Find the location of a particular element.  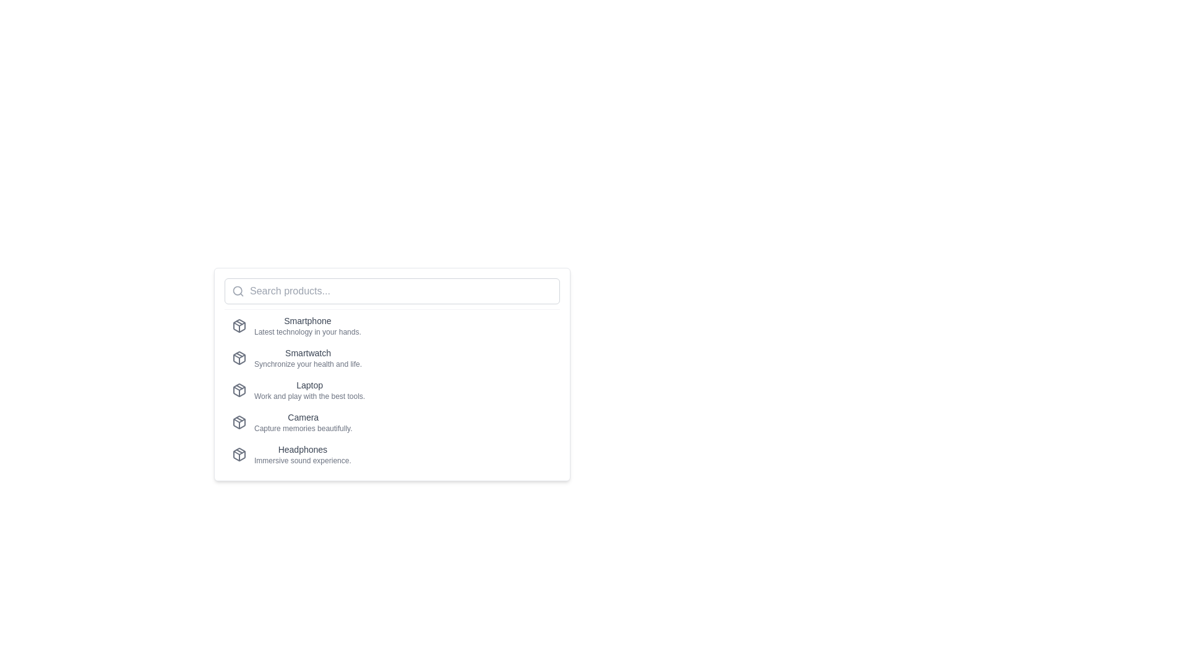

the third list item in the vertical list of options related to laptops is located at coordinates (391, 390).